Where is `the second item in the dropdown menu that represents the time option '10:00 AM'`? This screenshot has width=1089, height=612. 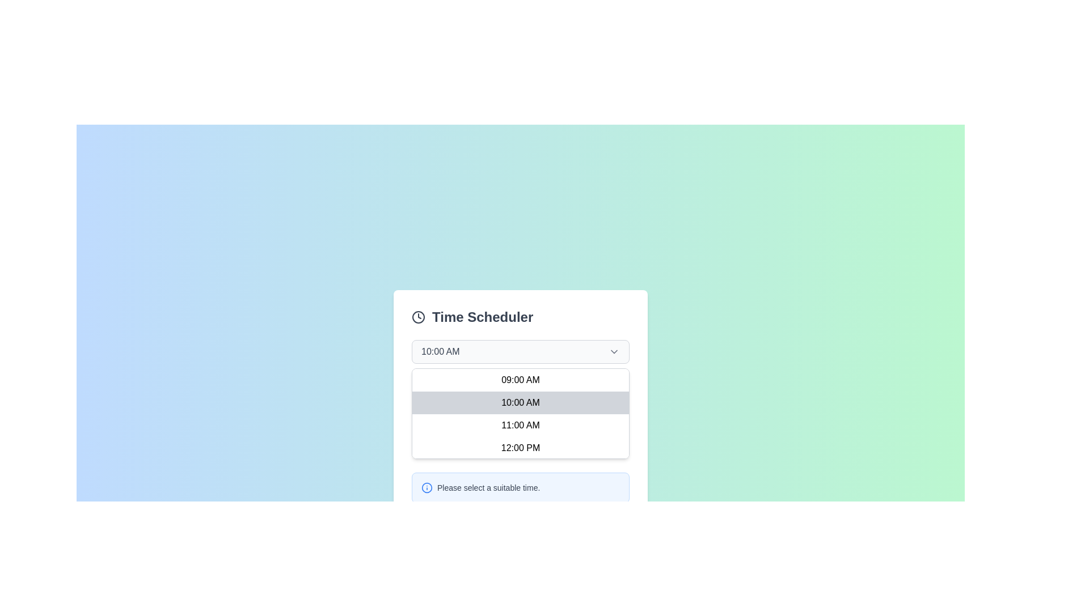 the second item in the dropdown menu that represents the time option '10:00 AM' is located at coordinates (520, 402).